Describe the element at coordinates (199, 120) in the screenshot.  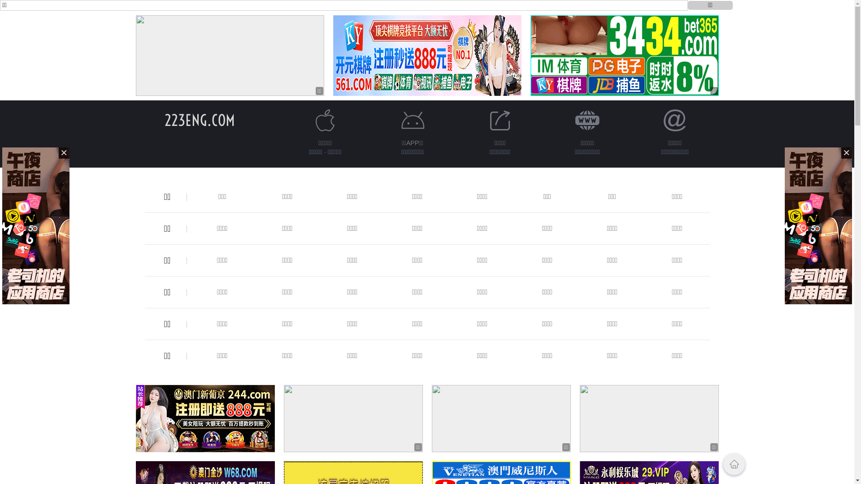
I see `'223ENG.COM'` at that location.